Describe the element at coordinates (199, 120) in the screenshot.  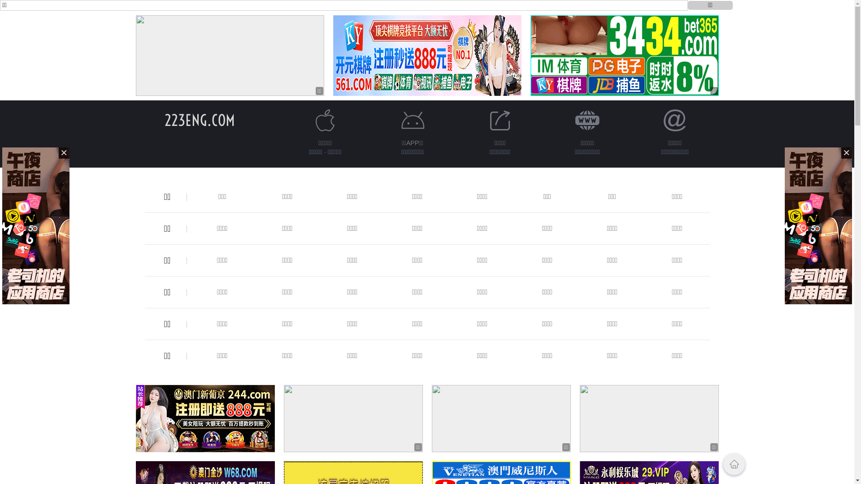
I see `'223ENG.COM'` at that location.